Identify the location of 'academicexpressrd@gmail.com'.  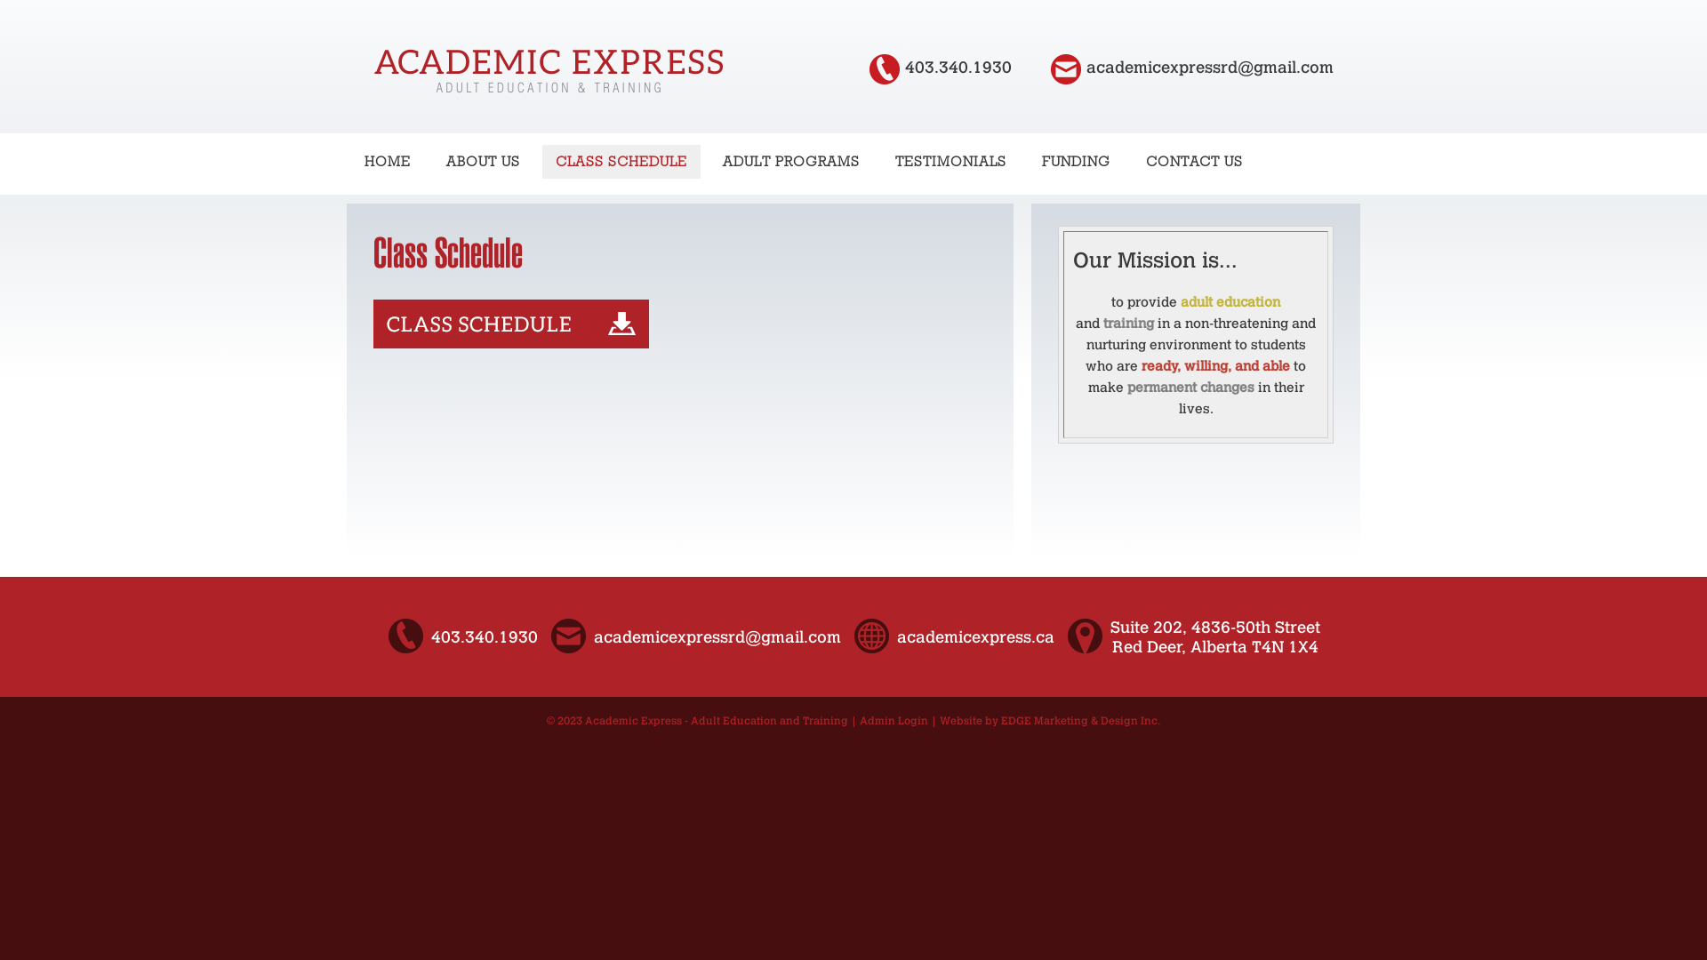
(1209, 67).